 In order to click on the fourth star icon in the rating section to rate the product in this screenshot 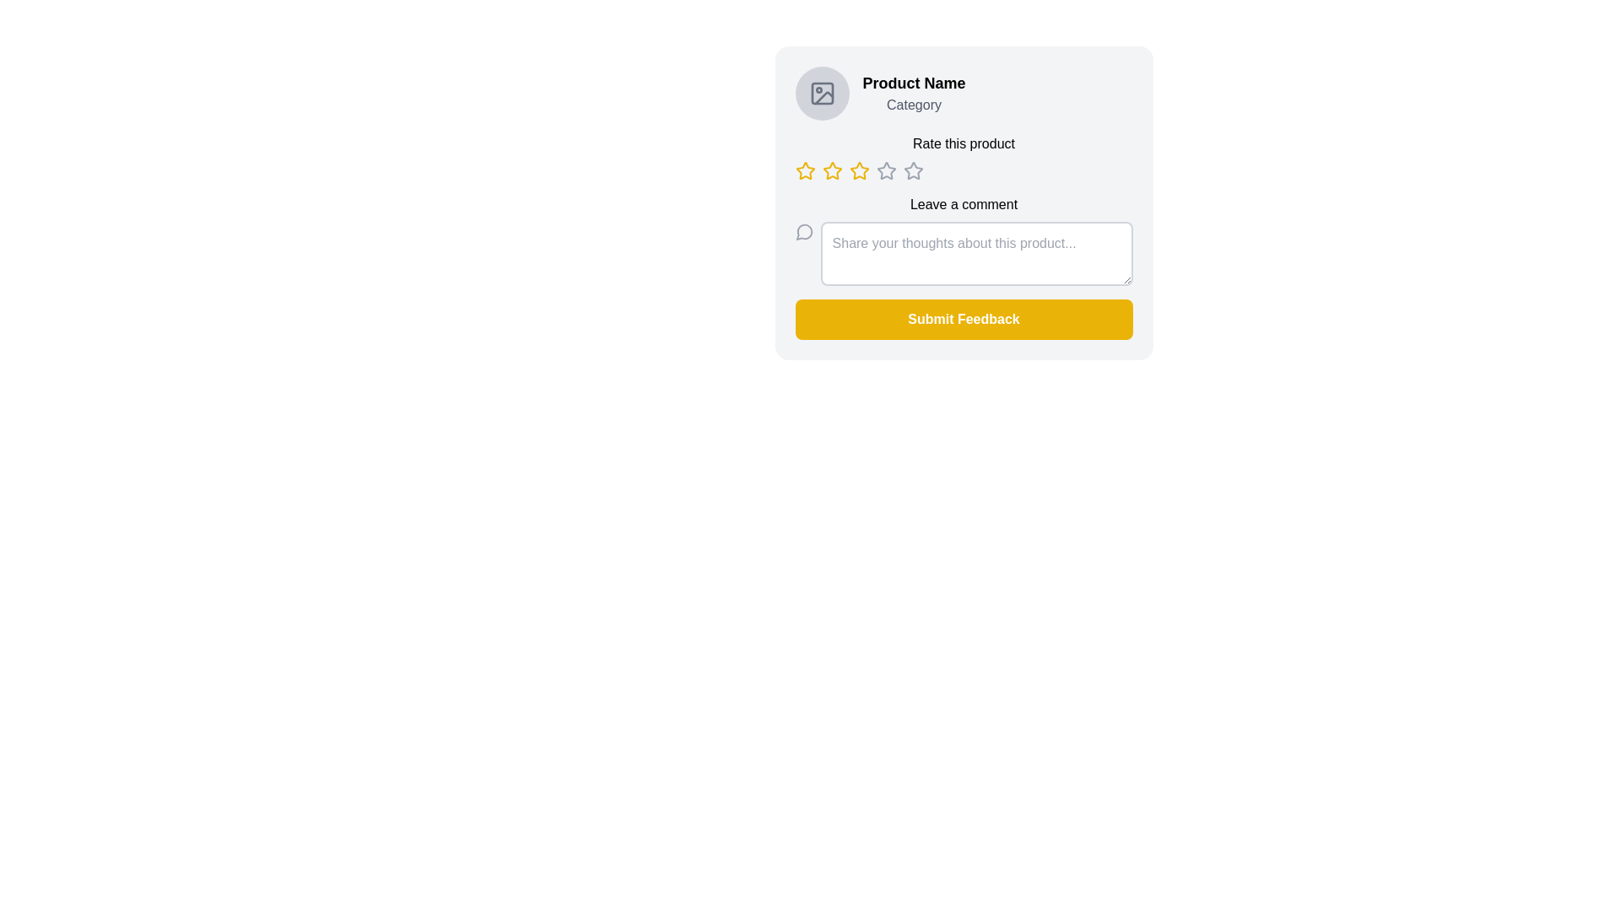, I will do `click(885, 170)`.